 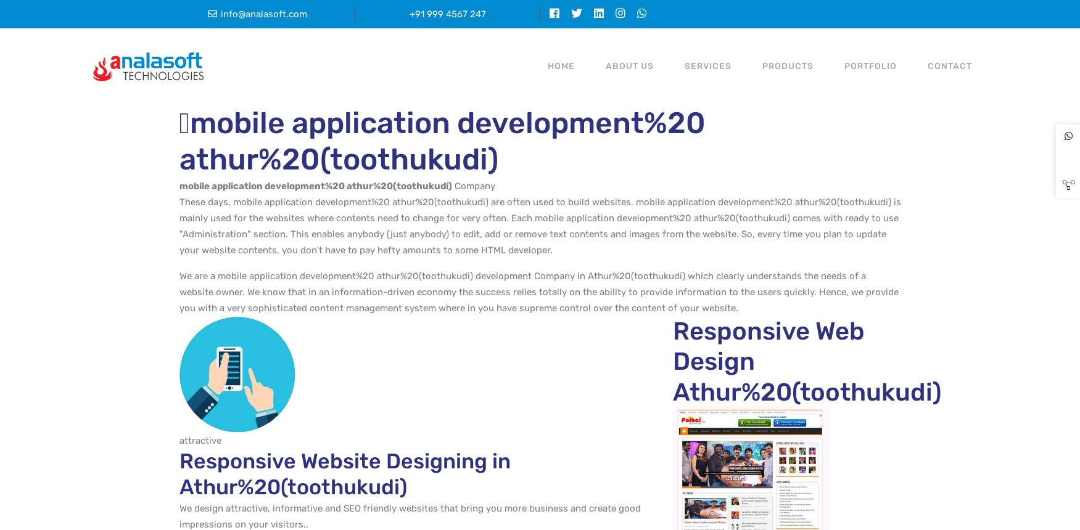 What do you see at coordinates (199, 440) in the screenshot?
I see `'attractive'` at bounding box center [199, 440].